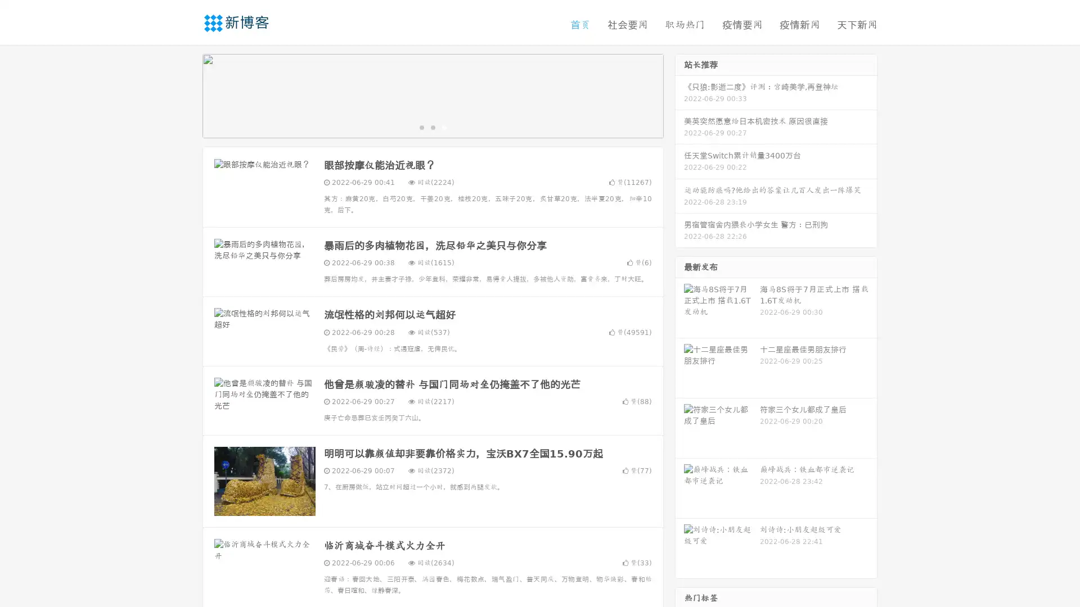 Image resolution: width=1080 pixels, height=607 pixels. What do you see at coordinates (421, 126) in the screenshot?
I see `Go to slide 1` at bounding box center [421, 126].